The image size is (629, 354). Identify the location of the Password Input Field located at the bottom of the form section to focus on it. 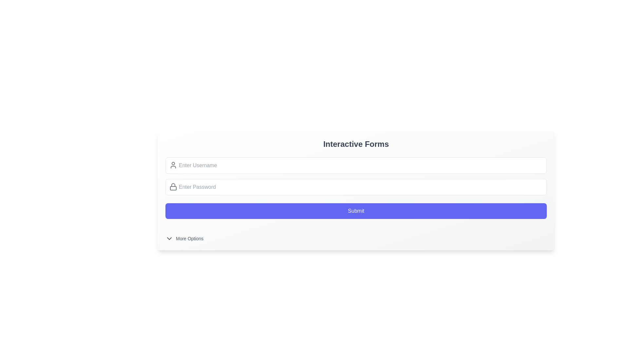
(355, 187).